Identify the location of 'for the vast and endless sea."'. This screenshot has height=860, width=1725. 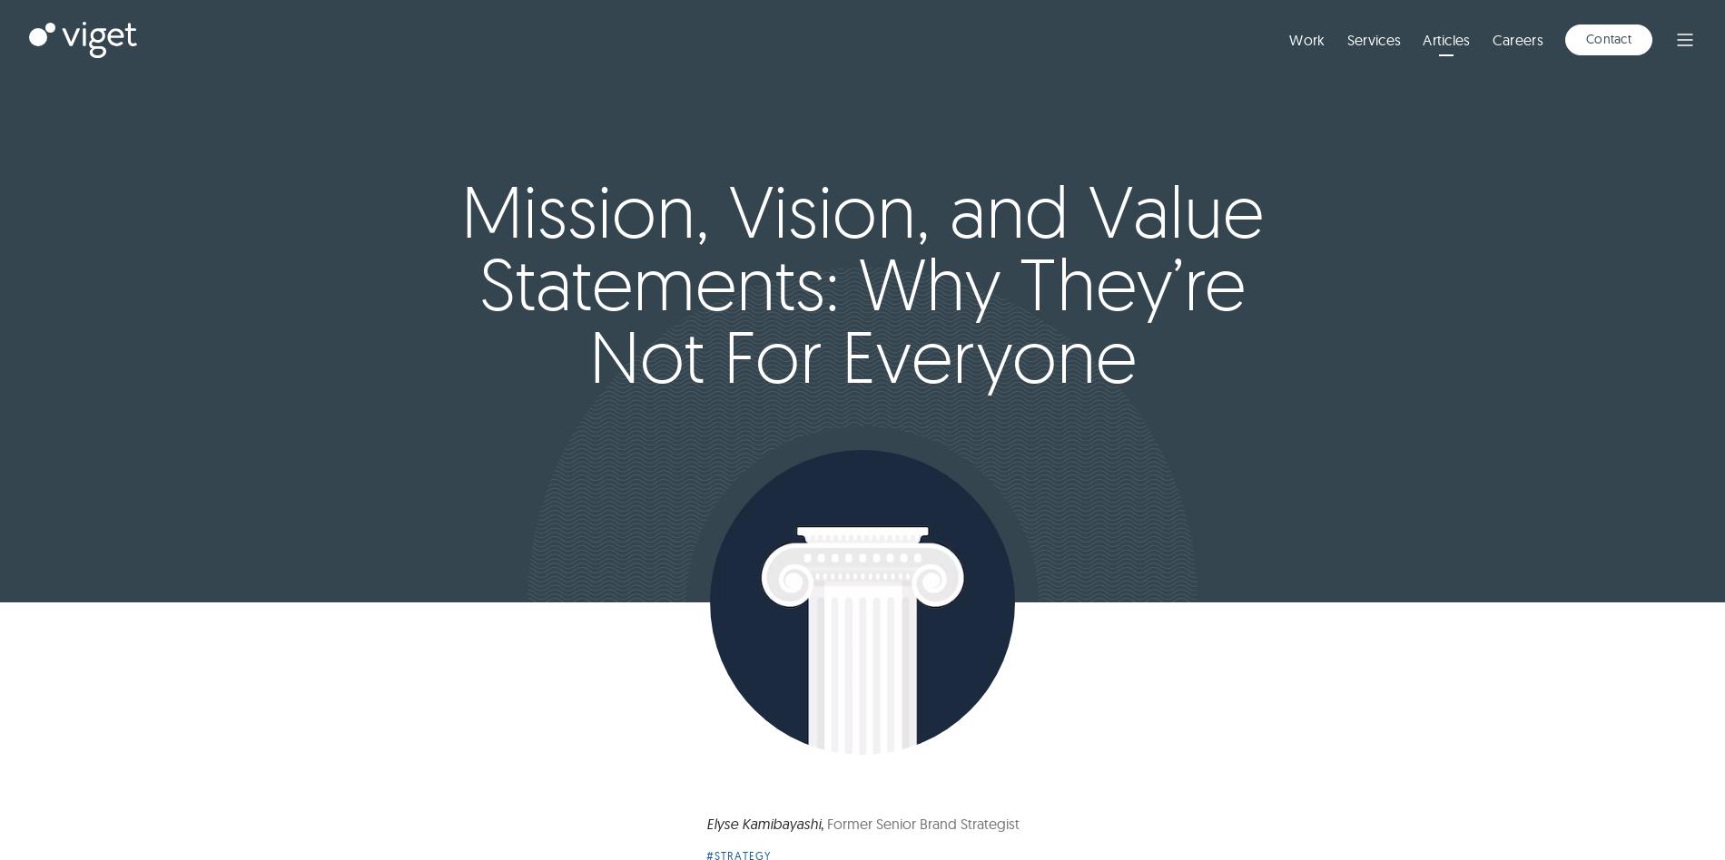
(1008, 431).